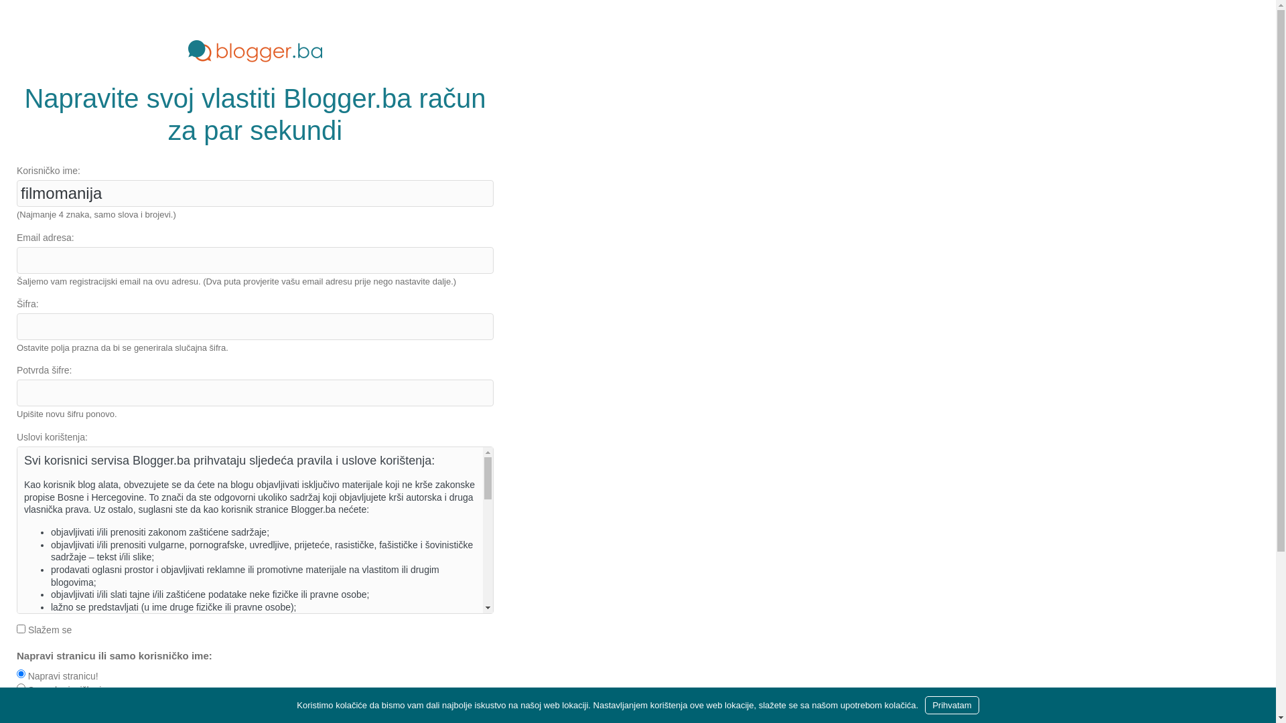  Describe the element at coordinates (951, 704) in the screenshot. I see `'Prihvatam'` at that location.